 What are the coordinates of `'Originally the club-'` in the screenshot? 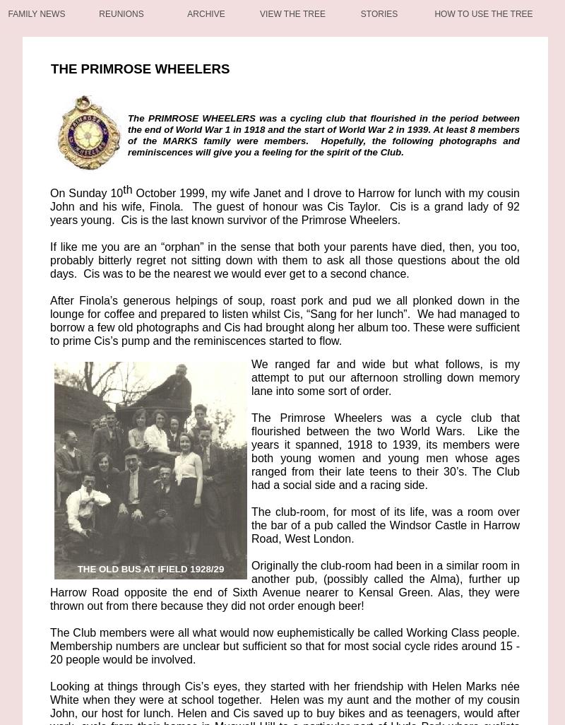 It's located at (298, 565).